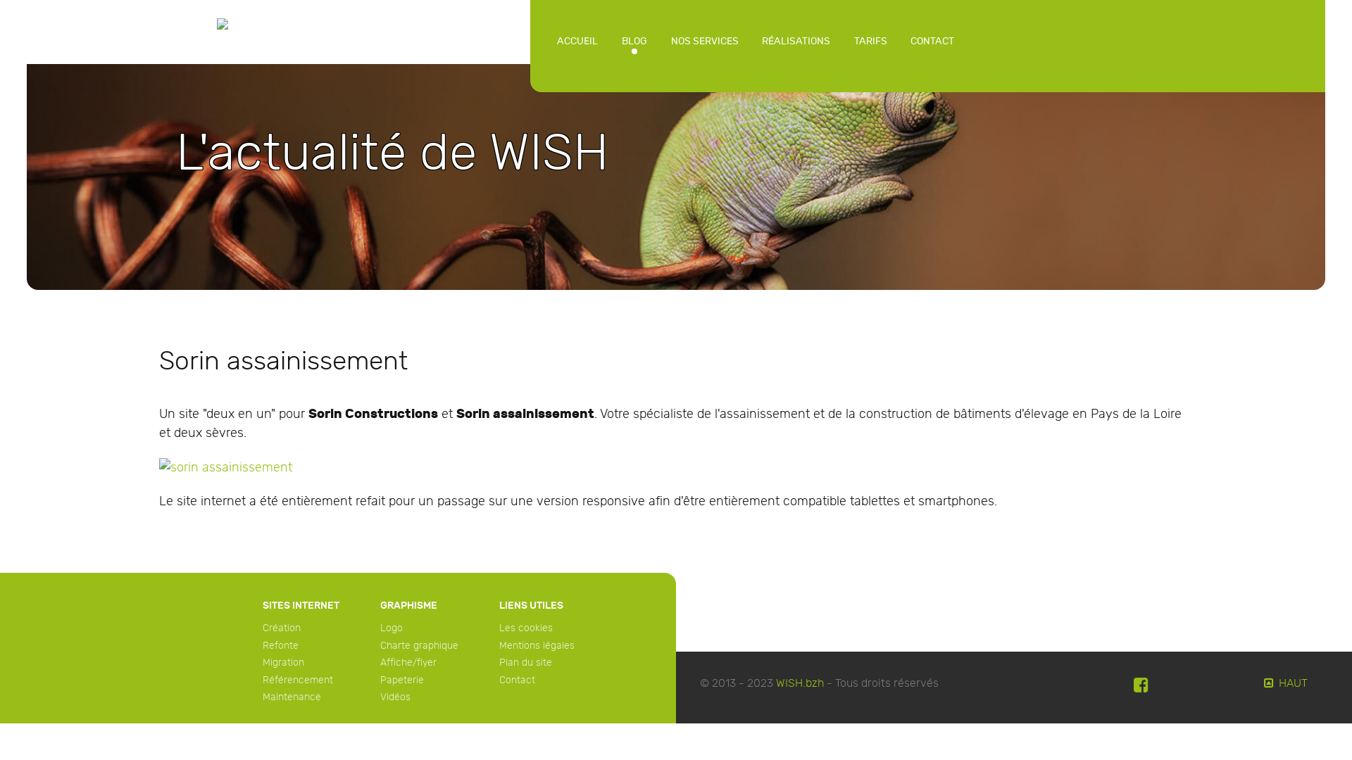  I want to click on 'Maintenance', so click(291, 697).